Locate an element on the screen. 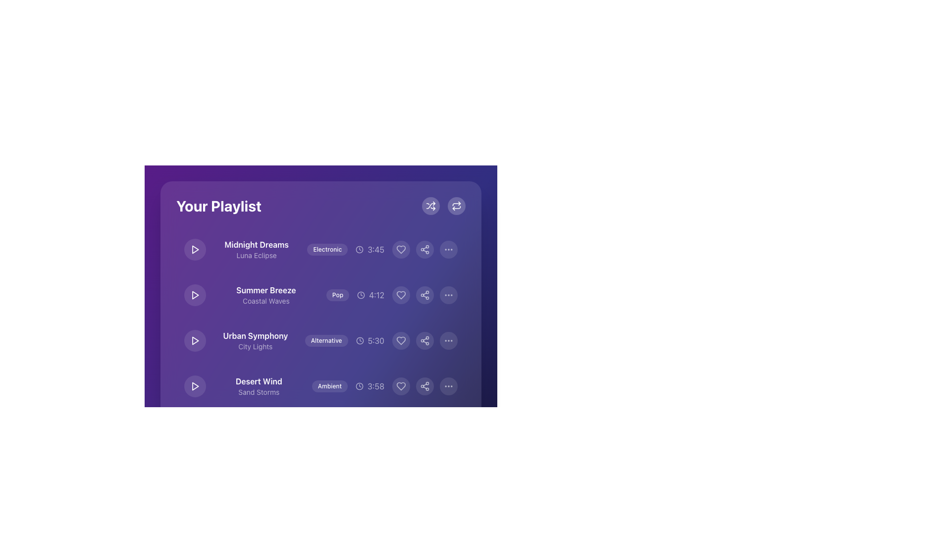  the bold, white text label reading 'Your Playlist' located at the top-left corner of the purple interface is located at coordinates (218, 206).